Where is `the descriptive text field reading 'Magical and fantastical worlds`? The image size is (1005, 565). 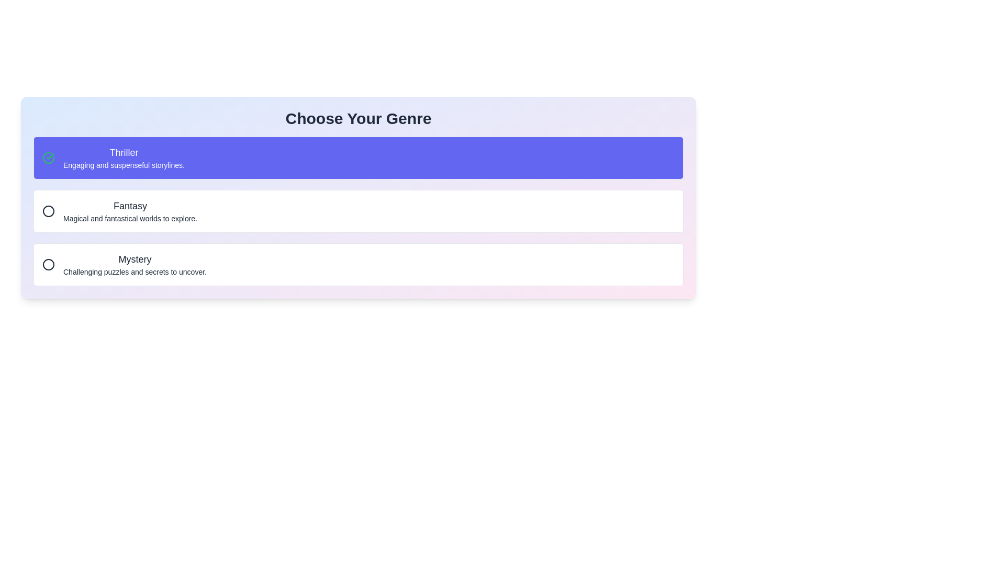
the descriptive text field reading 'Magical and fantastical worlds is located at coordinates (130, 218).